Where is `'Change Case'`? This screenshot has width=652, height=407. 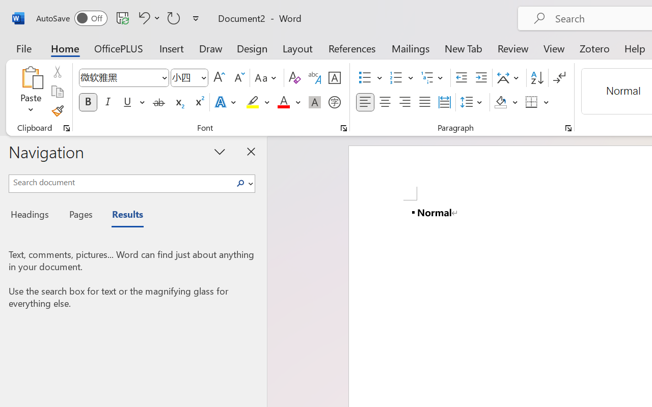
'Change Case' is located at coordinates (267, 78).